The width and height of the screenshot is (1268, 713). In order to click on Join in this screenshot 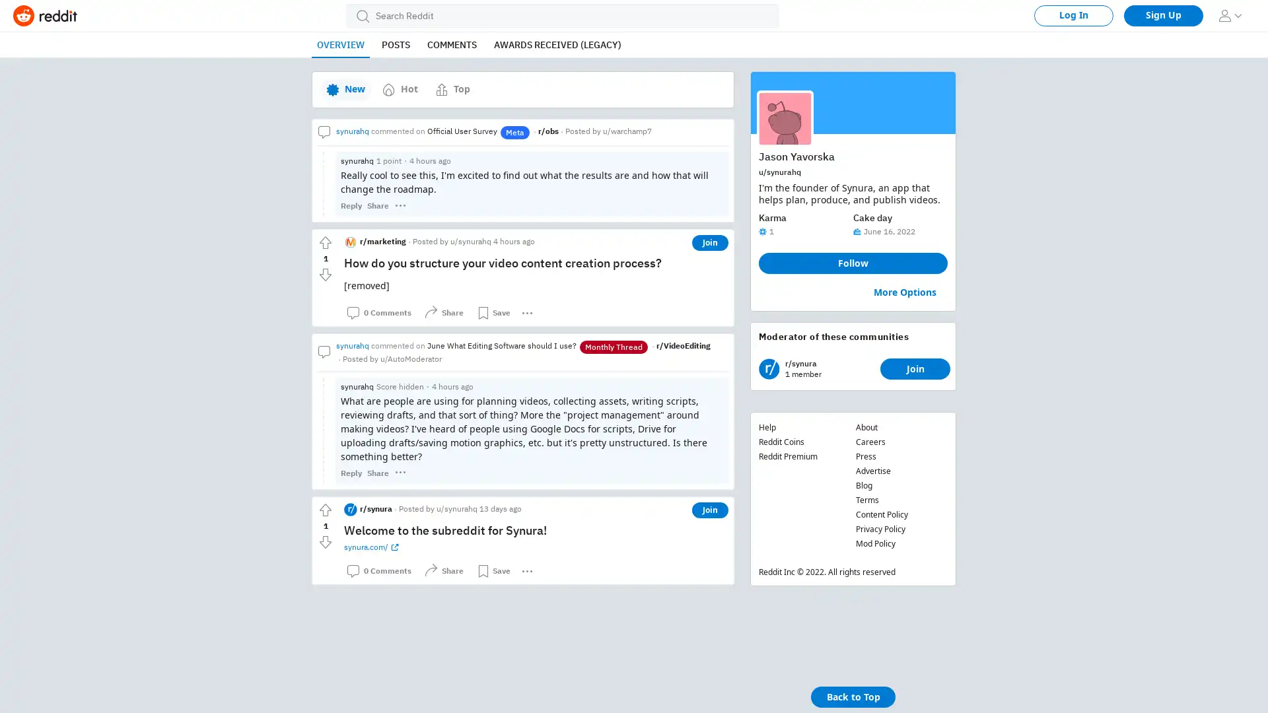, I will do `click(709, 508)`.